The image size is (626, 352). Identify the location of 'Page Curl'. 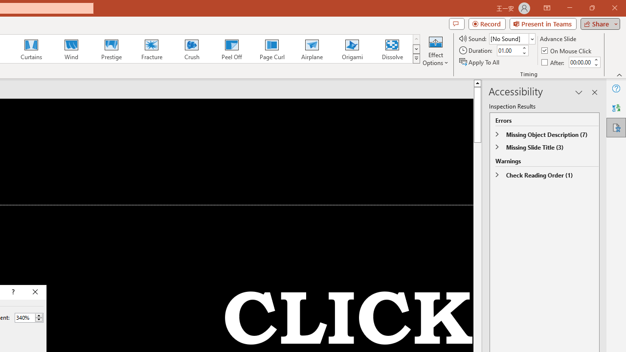
(271, 49).